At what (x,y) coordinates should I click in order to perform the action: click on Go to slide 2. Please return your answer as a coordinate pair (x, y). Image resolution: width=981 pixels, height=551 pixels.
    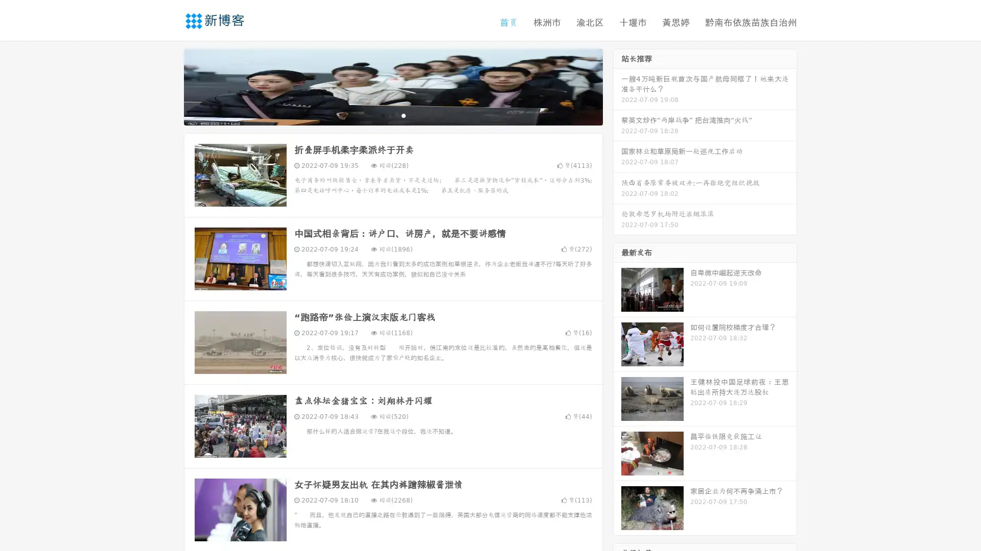
    Looking at the image, I should click on (392, 115).